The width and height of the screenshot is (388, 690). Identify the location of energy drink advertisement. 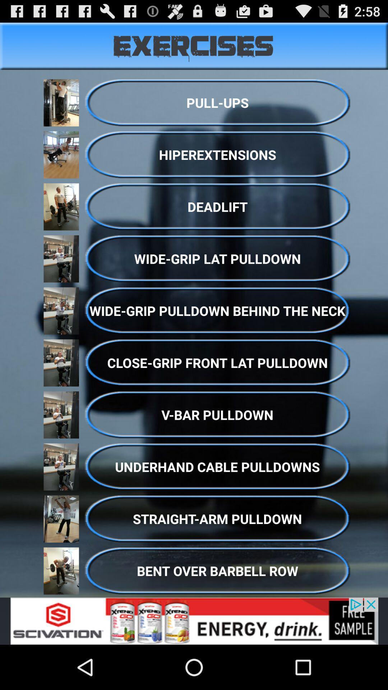
(194, 621).